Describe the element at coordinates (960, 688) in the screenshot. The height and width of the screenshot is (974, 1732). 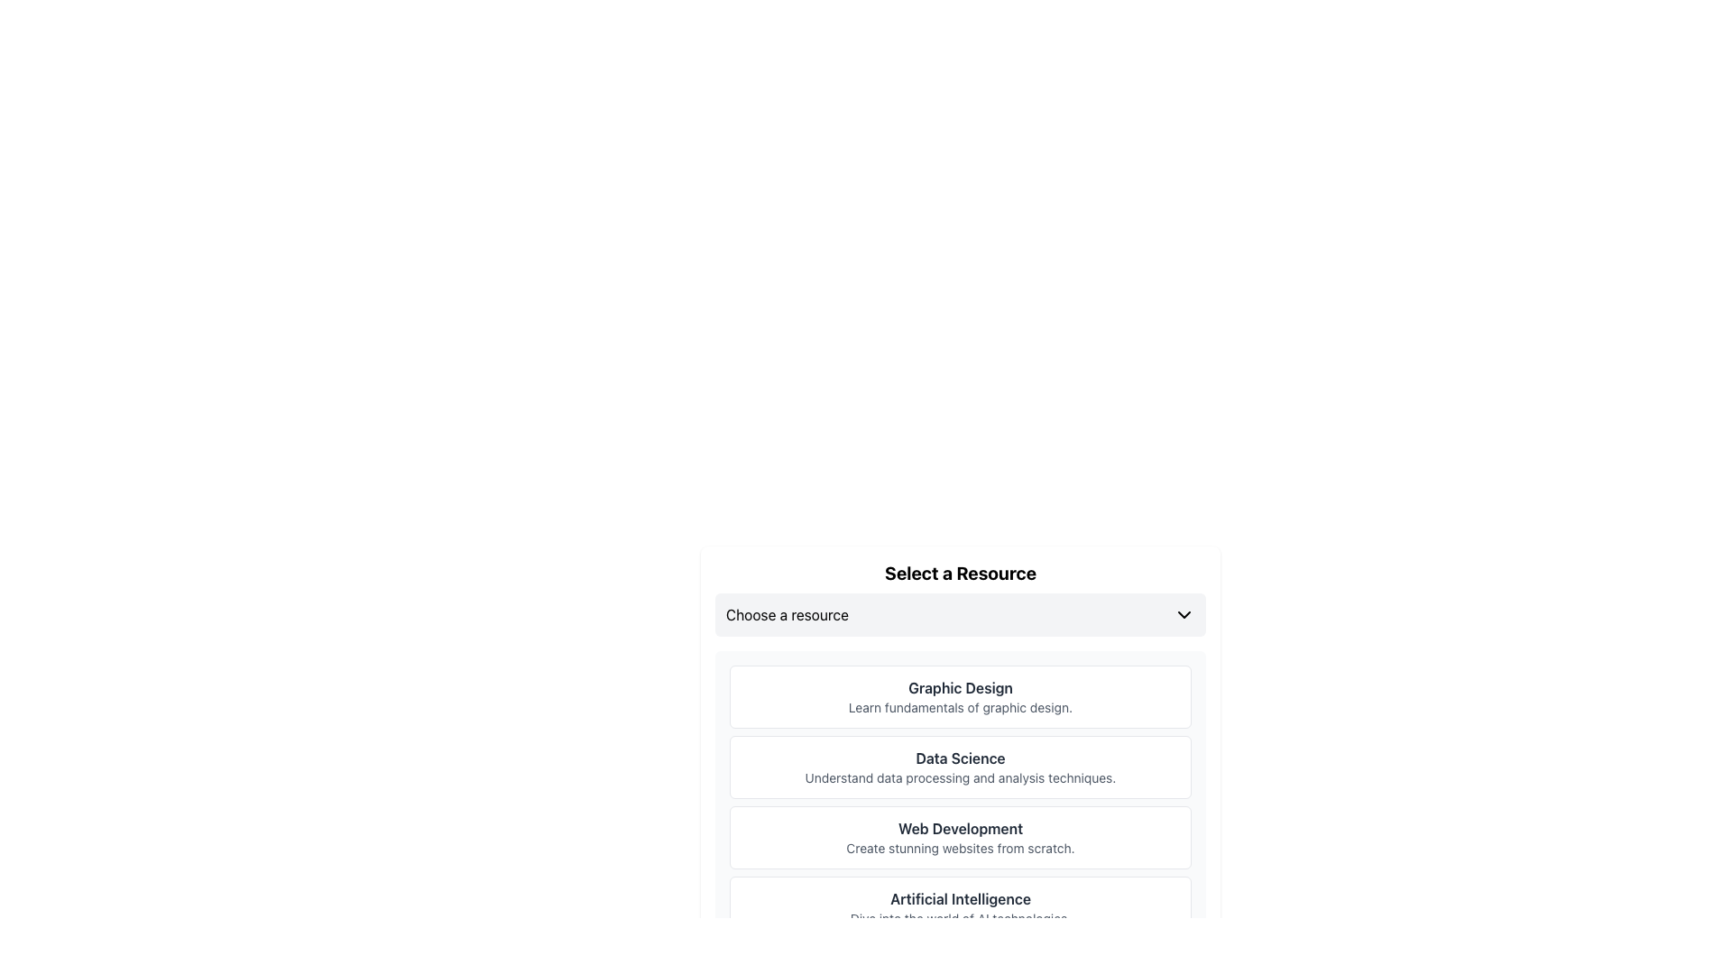
I see `the 'Graphic Design' text element, which serves as the title for selecting the graphic design resource located under 'Select a Resource'` at that location.